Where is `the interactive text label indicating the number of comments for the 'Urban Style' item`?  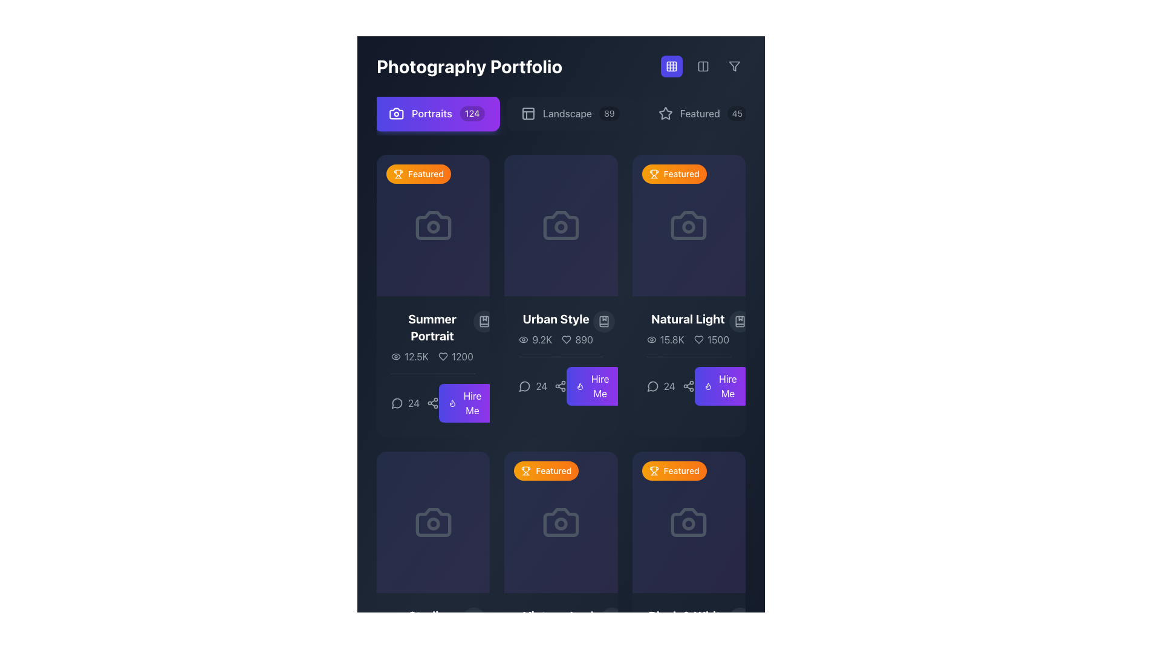 the interactive text label indicating the number of comments for the 'Urban Style' item is located at coordinates (532, 386).